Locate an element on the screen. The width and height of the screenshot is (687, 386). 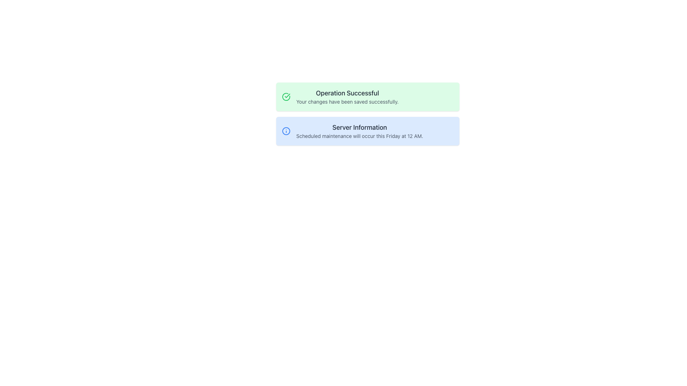
the circular green icon with a checkmark symbol that indicates a successful operation, located in the green notification panel next to the texts 'Operation Successful' and 'Your changes have been saved successfully' is located at coordinates (286, 96).